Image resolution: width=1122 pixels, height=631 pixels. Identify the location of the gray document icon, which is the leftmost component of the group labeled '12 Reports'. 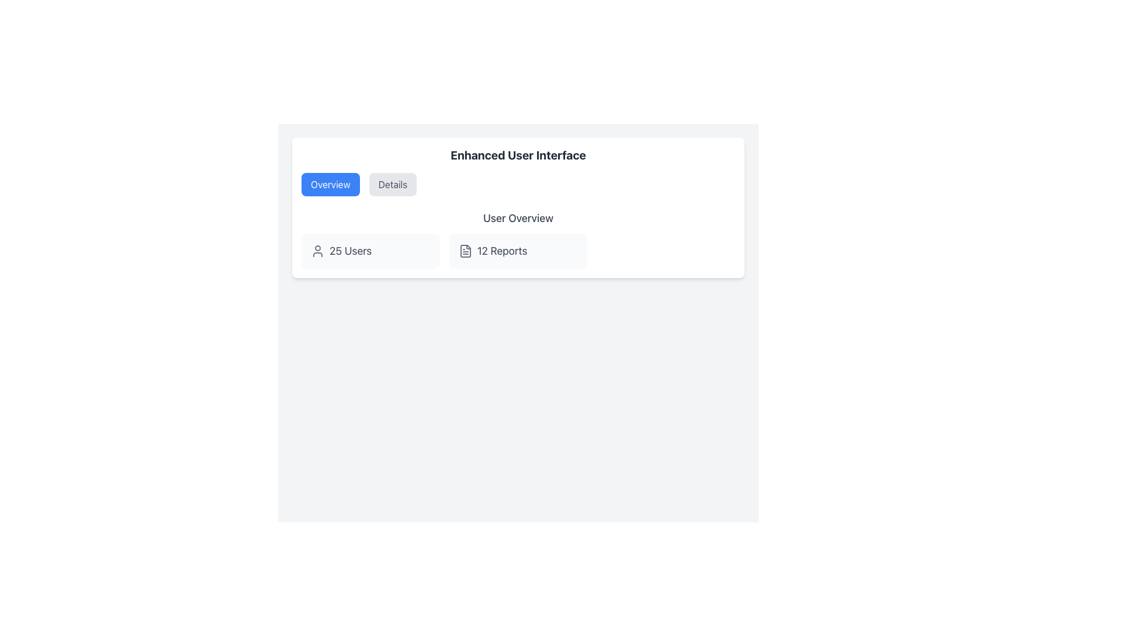
(465, 250).